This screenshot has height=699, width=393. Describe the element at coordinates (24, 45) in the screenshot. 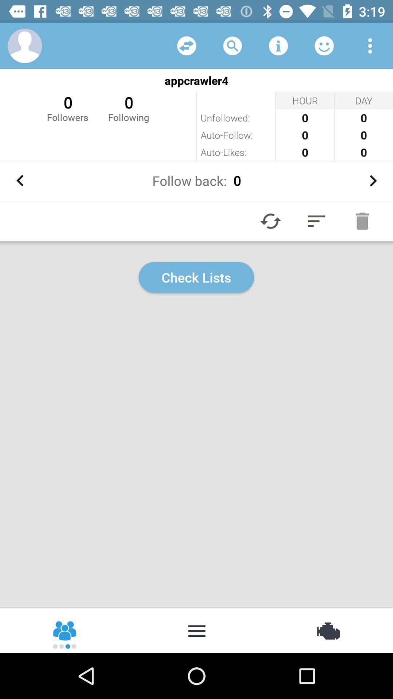

I see `your profile` at that location.